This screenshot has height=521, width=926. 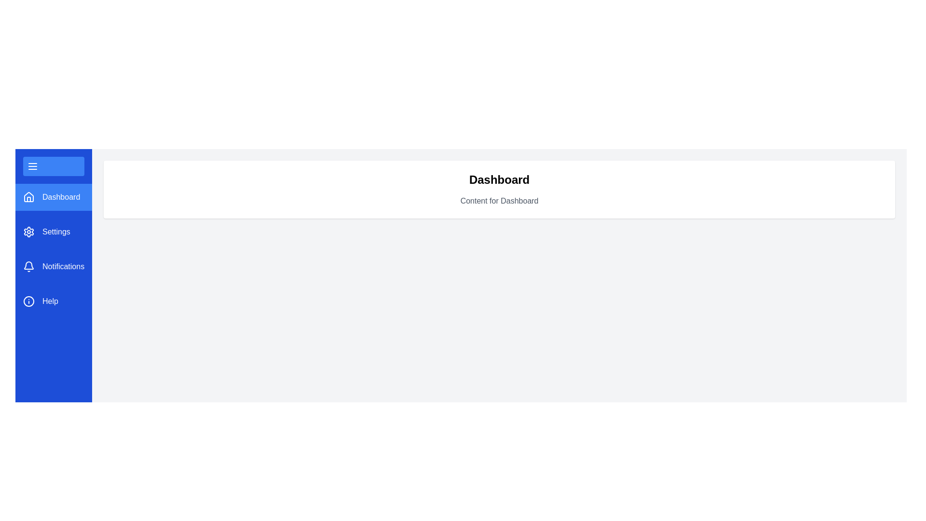 What do you see at coordinates (53, 301) in the screenshot?
I see `the 'Help' navigation link, which is the last item in the vertical list on the left sidebar, featuring a white info icon and text on a blue background` at bounding box center [53, 301].